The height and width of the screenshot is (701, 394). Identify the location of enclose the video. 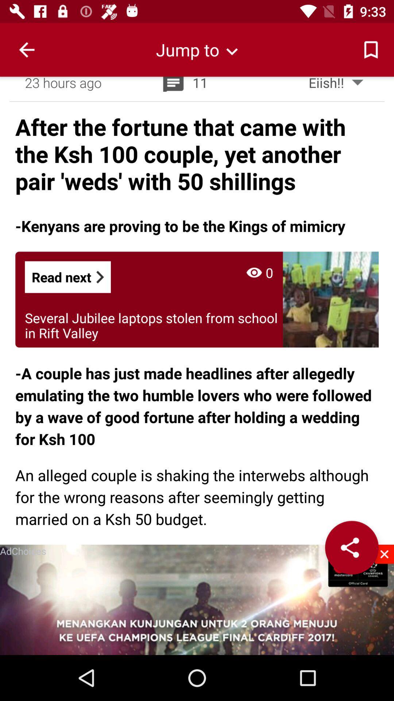
(384, 554).